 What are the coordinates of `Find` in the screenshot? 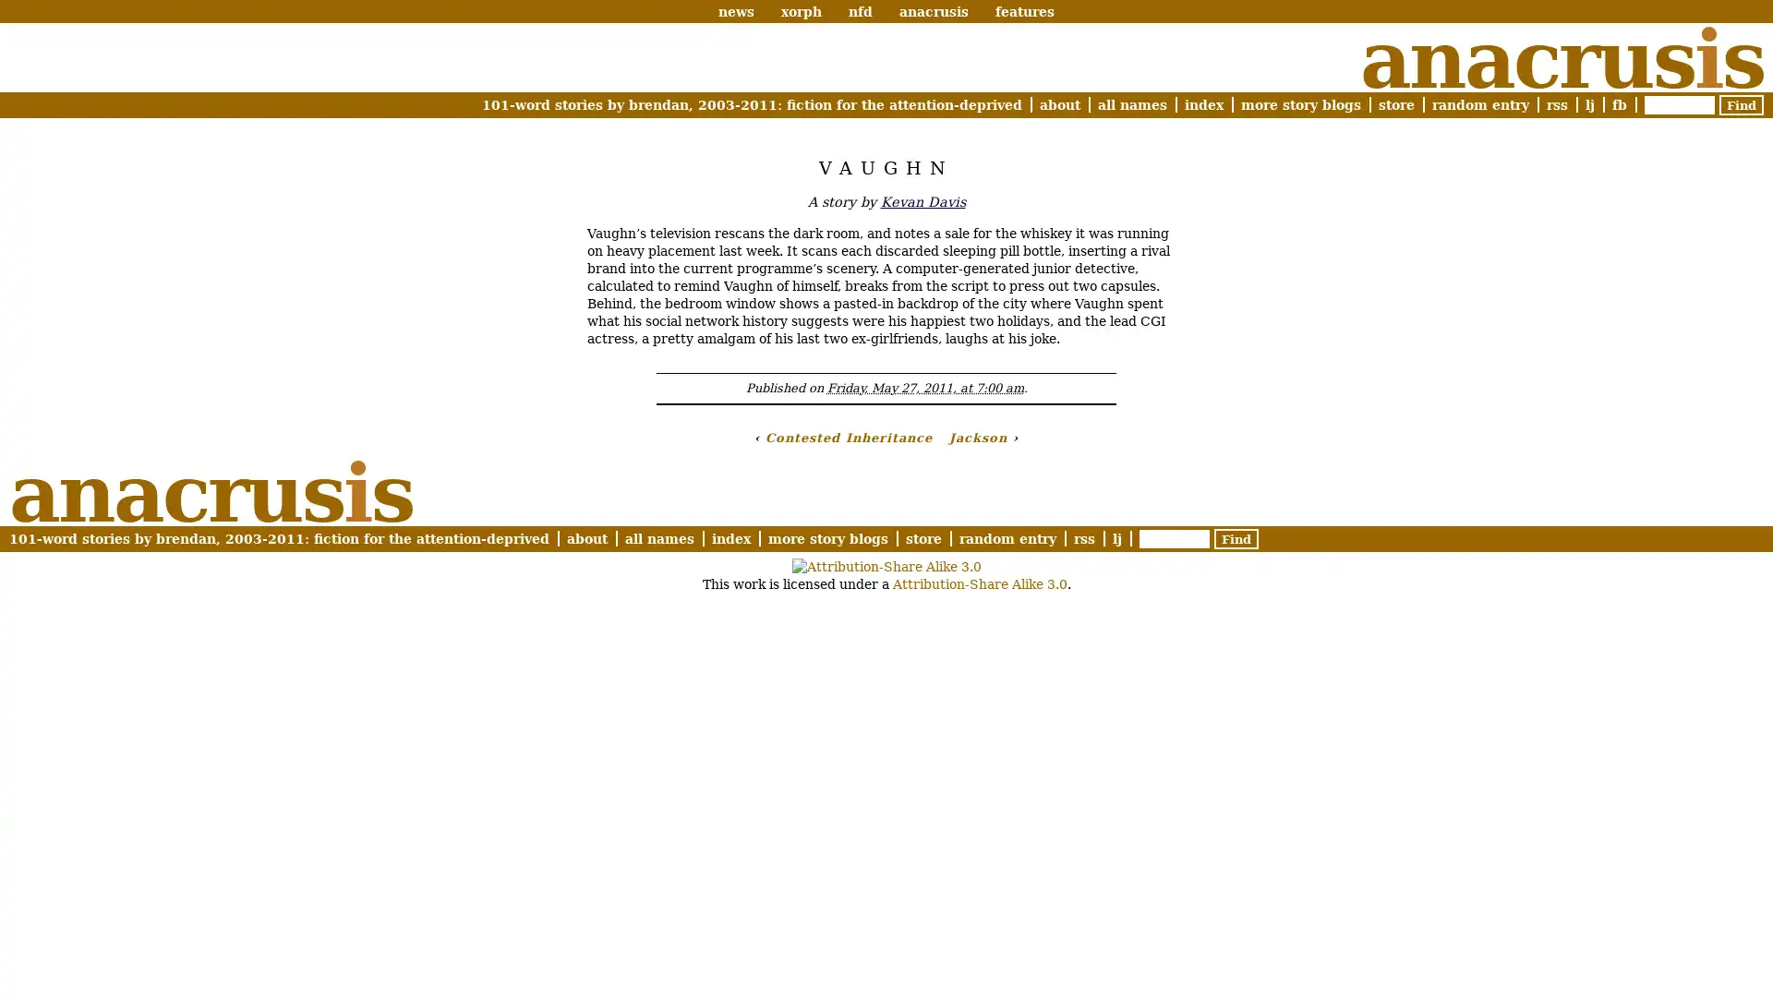 It's located at (1236, 537).